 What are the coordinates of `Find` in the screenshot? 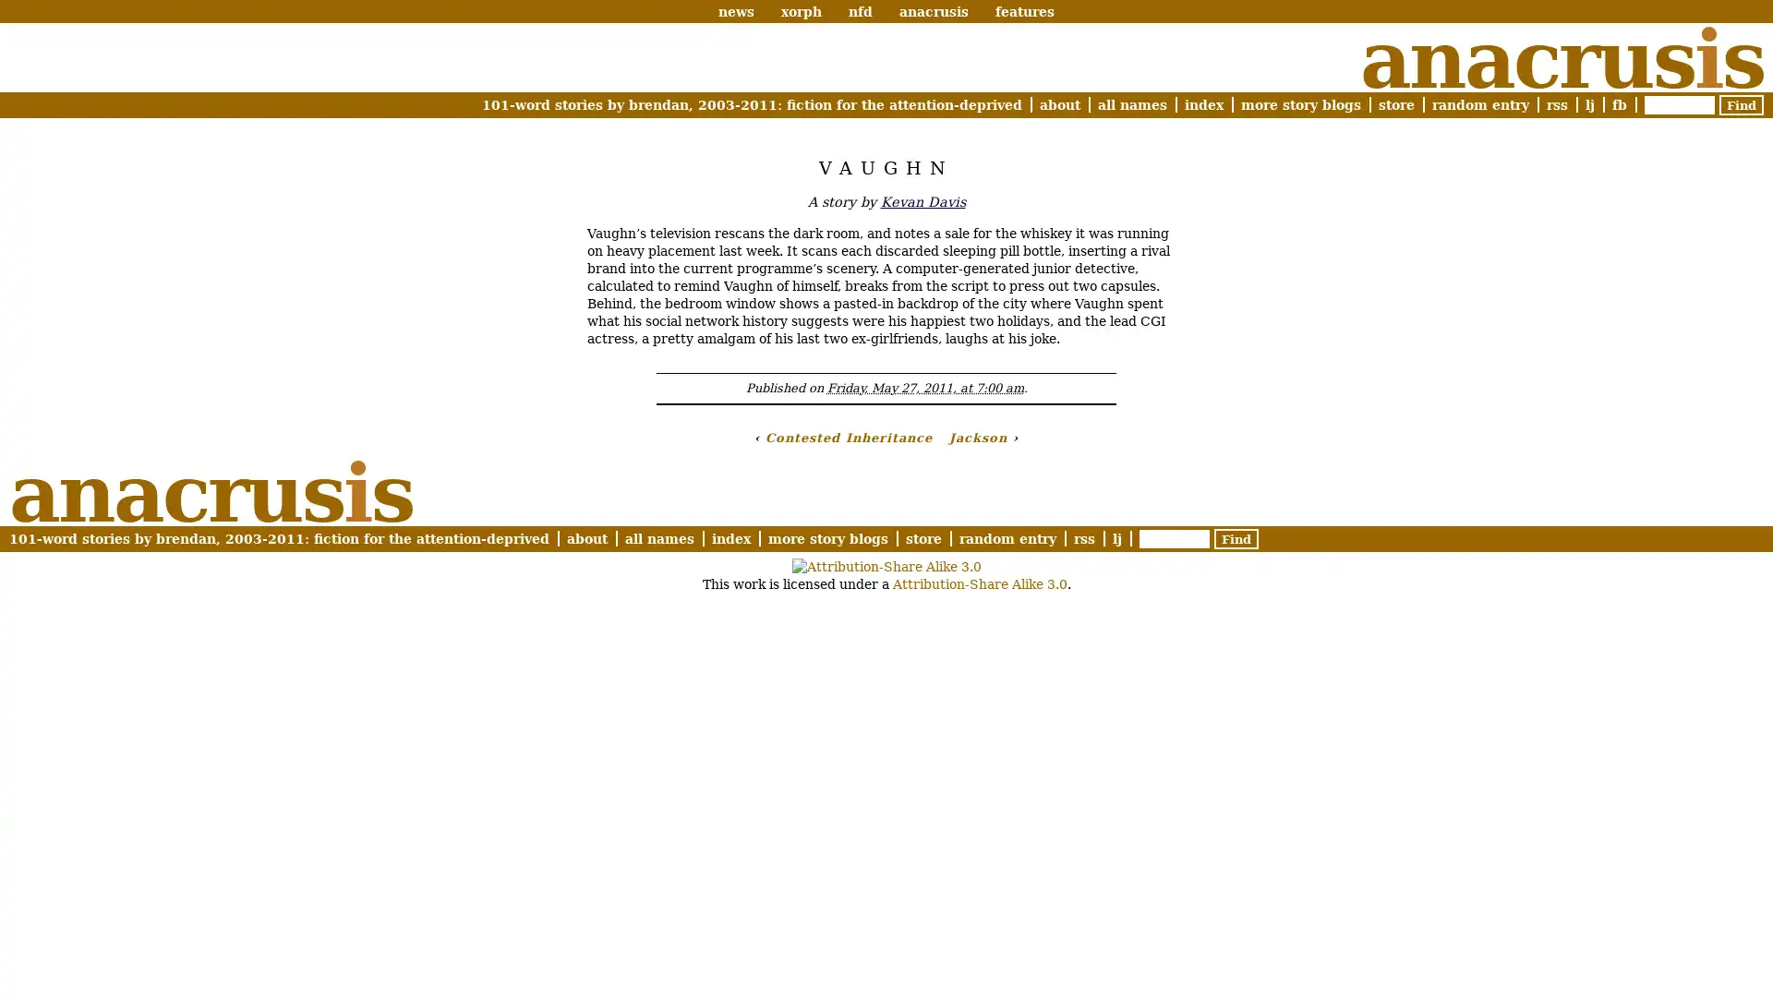 It's located at (1236, 537).